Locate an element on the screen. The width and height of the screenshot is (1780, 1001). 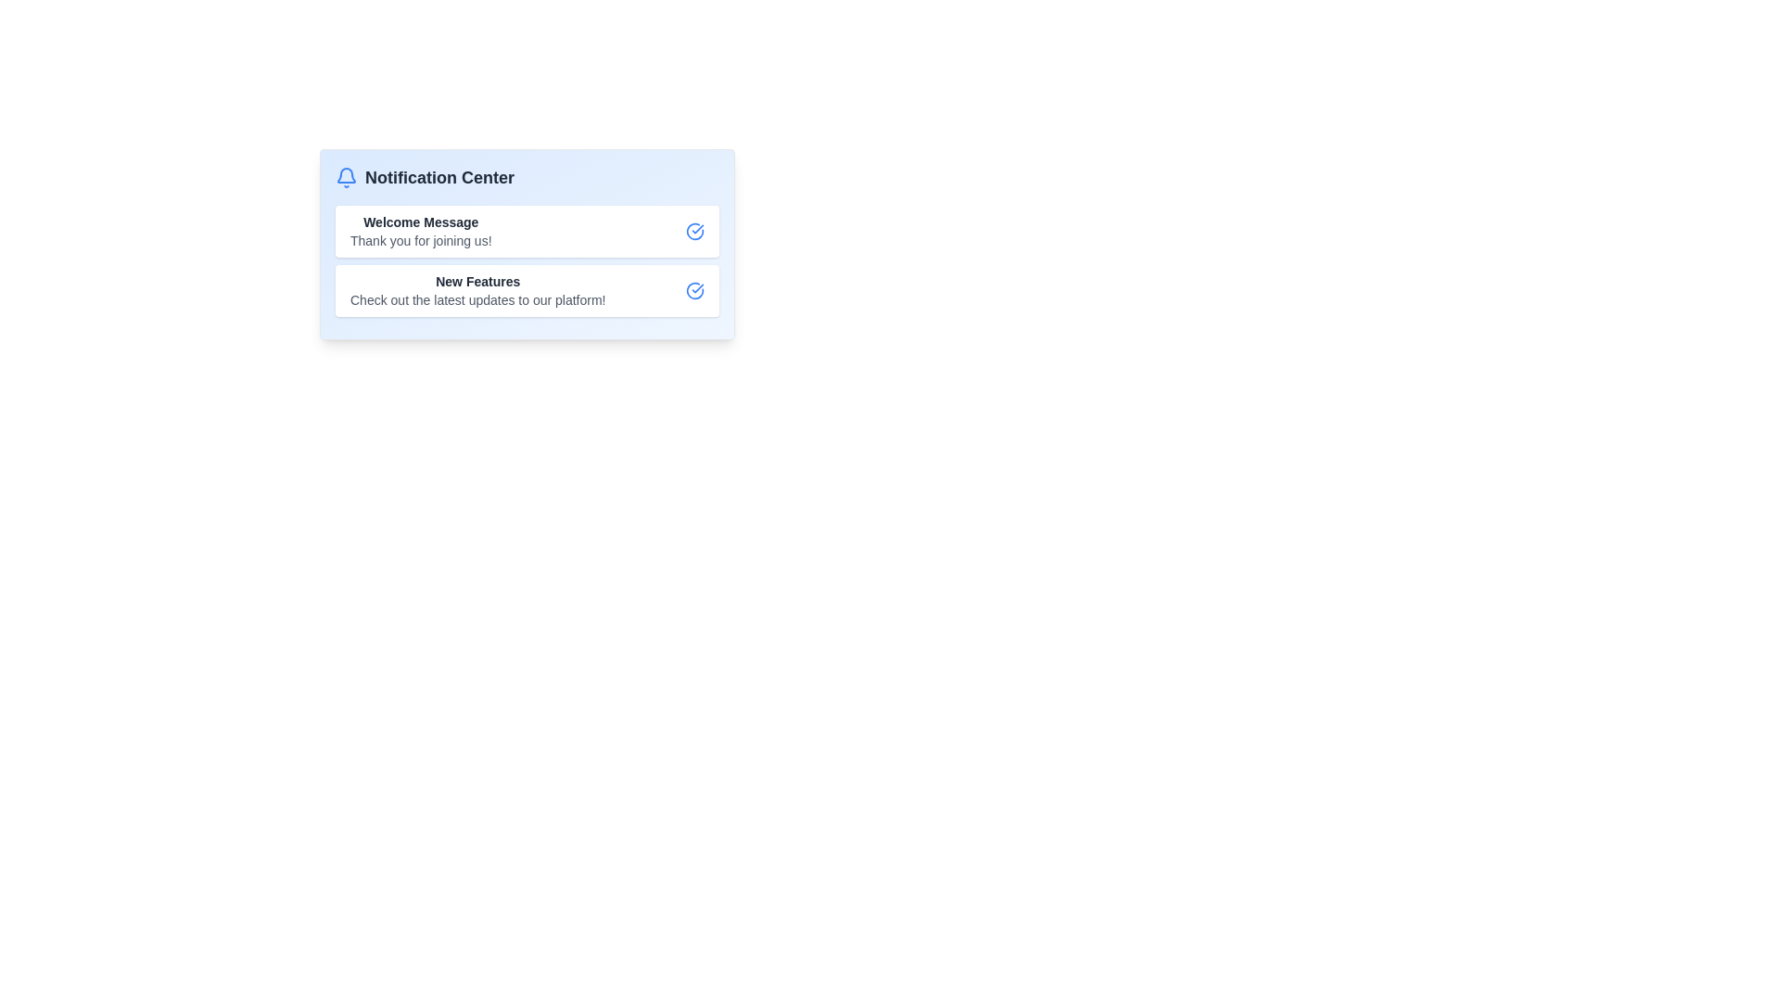
the informational text display that notifies users about new updates or features, positioned directly below the title 'New Features' is located at coordinates (477, 299).